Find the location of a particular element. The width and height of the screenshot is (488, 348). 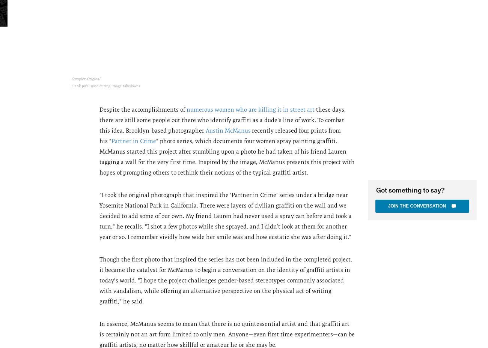

'Got something to say?' is located at coordinates (410, 189).